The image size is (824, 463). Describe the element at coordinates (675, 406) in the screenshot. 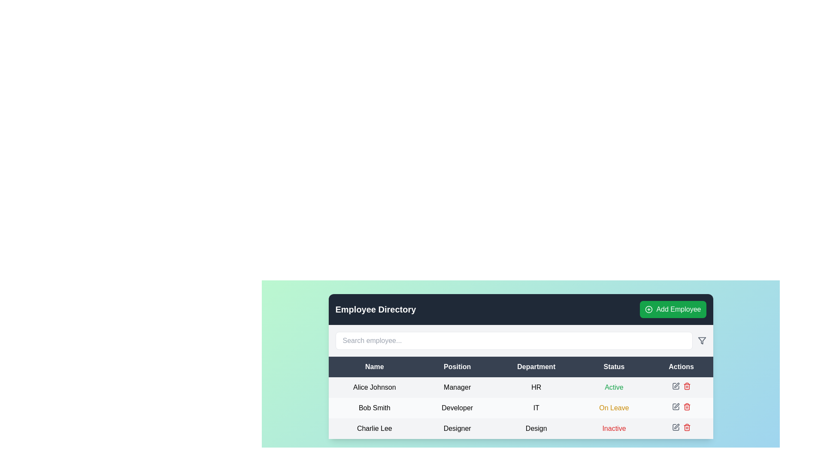

I see `the gray pen icon button located in the actions column of the second row of the table` at that location.